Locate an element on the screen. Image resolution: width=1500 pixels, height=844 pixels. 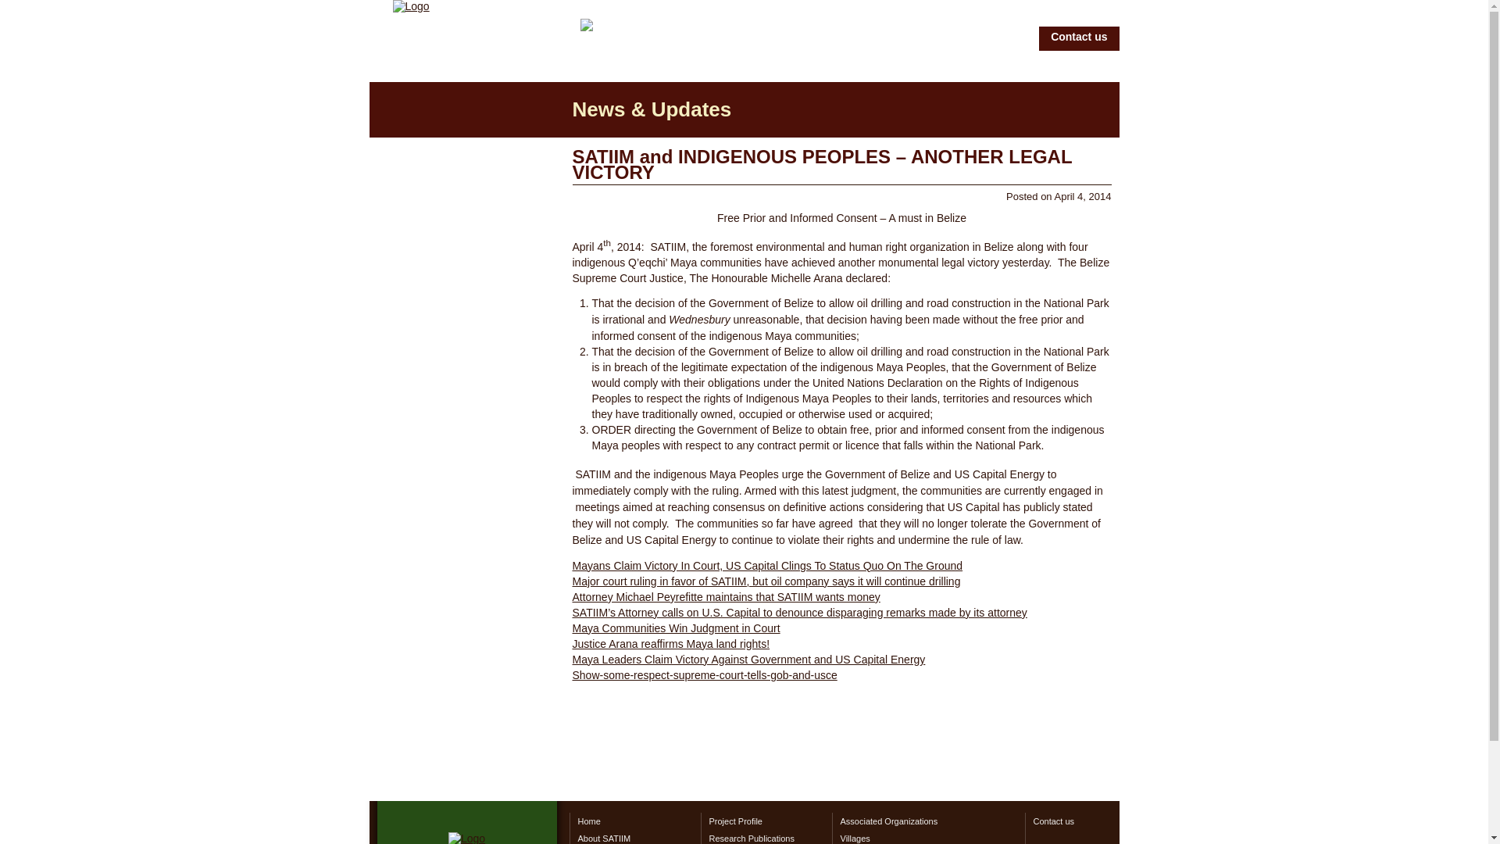
'Associated Organizations' is located at coordinates (928, 820).